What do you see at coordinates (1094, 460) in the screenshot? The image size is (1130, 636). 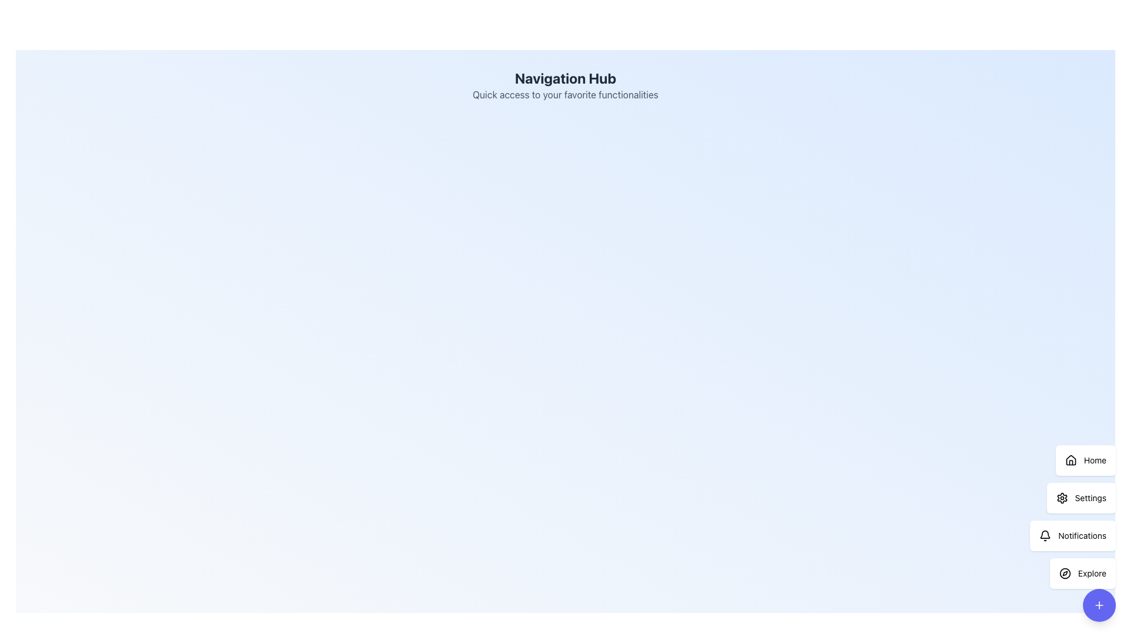 I see `text label for the navigation option 'Home', which directs users to the homepage of the application` at bounding box center [1094, 460].